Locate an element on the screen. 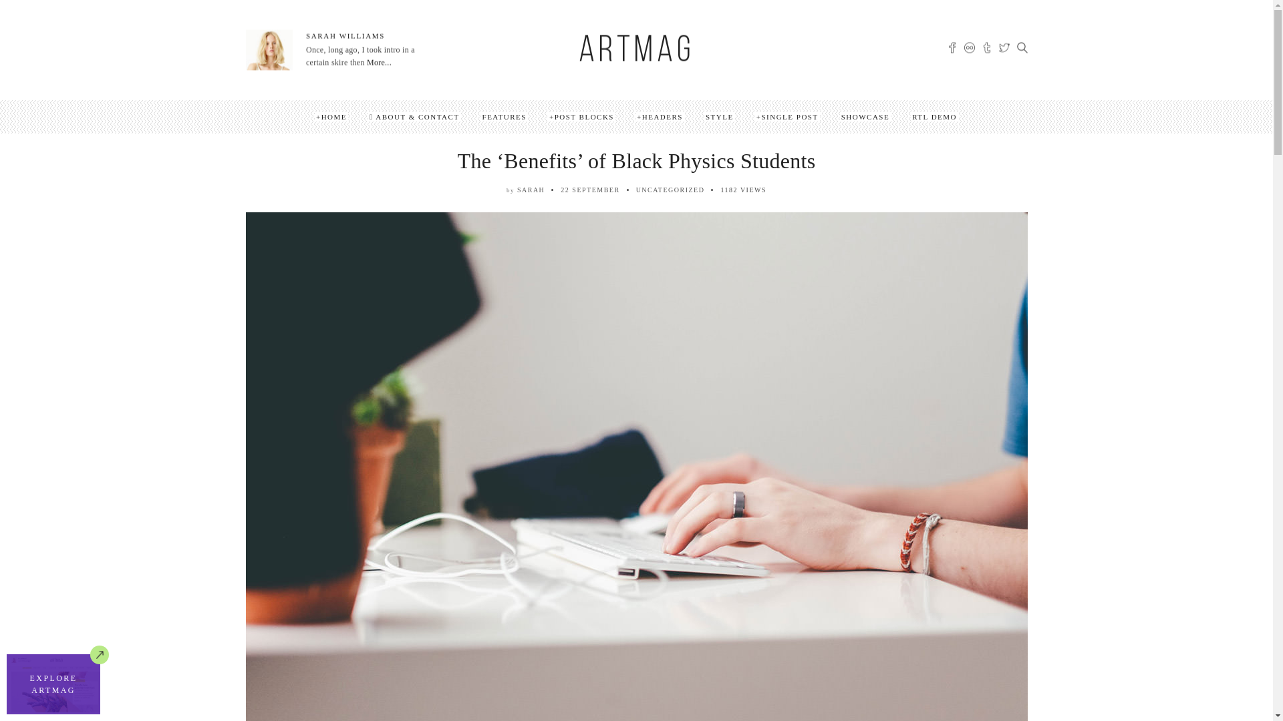 The width and height of the screenshot is (1283, 721). 'POST BLOCKS' is located at coordinates (581, 115).